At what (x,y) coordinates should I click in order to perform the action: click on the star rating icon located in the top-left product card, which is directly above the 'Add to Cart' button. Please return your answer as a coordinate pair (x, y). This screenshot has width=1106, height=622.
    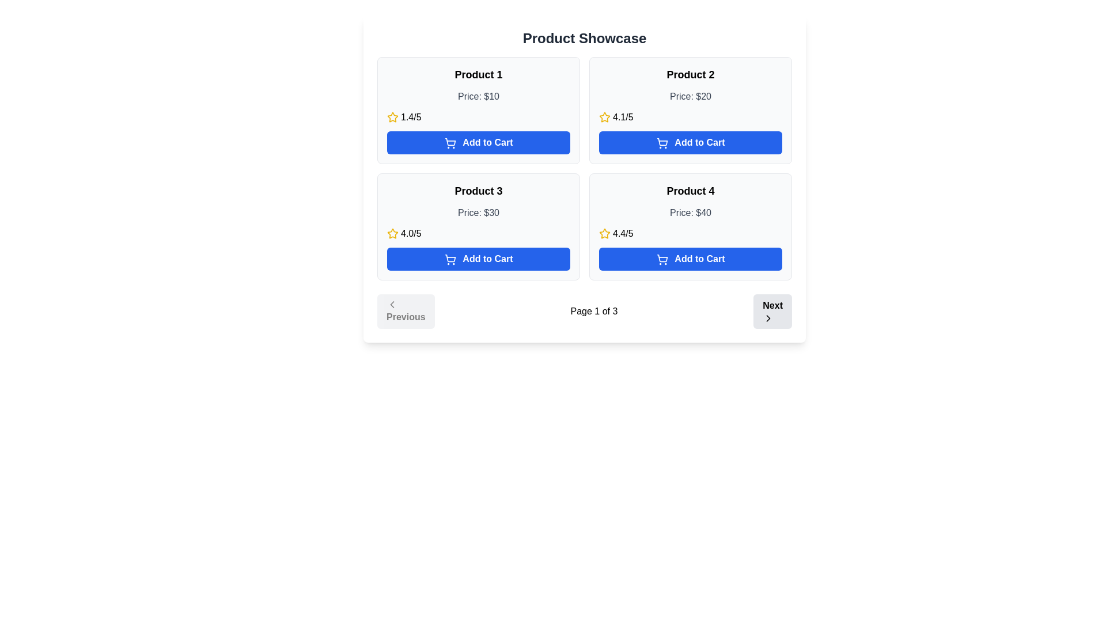
    Looking at the image, I should click on (392, 117).